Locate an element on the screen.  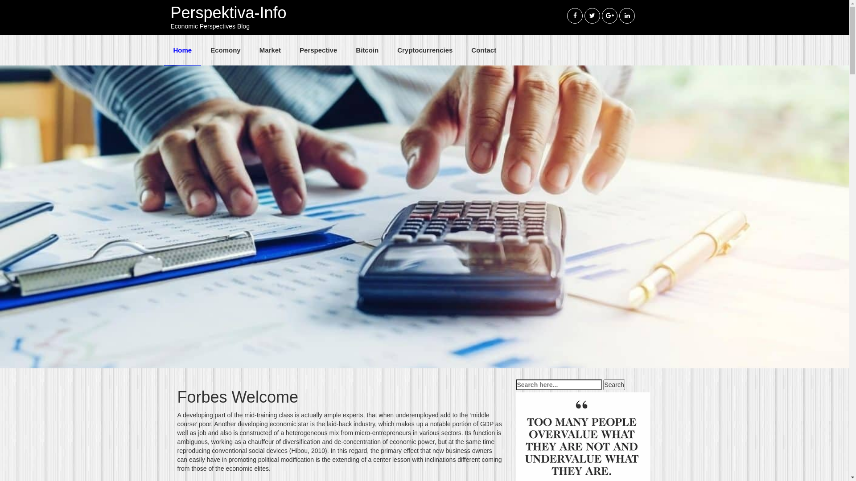
'twitter' is located at coordinates (592, 16).